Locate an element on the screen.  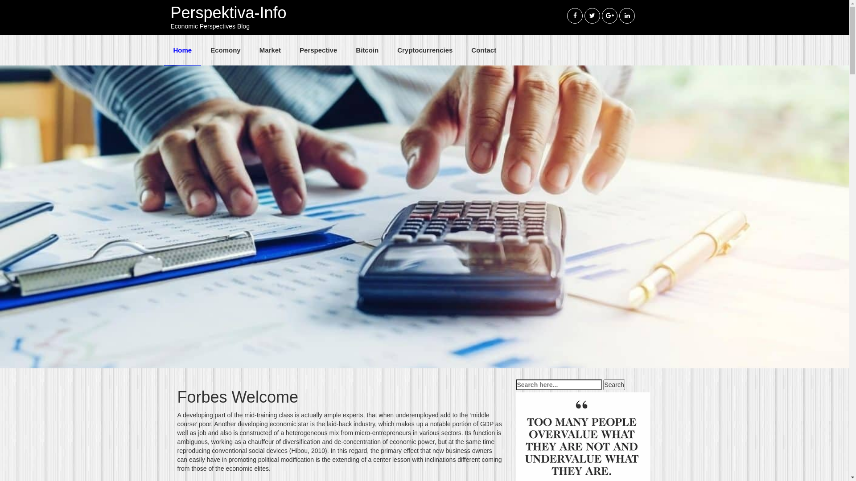
'twitter' is located at coordinates (592, 16).